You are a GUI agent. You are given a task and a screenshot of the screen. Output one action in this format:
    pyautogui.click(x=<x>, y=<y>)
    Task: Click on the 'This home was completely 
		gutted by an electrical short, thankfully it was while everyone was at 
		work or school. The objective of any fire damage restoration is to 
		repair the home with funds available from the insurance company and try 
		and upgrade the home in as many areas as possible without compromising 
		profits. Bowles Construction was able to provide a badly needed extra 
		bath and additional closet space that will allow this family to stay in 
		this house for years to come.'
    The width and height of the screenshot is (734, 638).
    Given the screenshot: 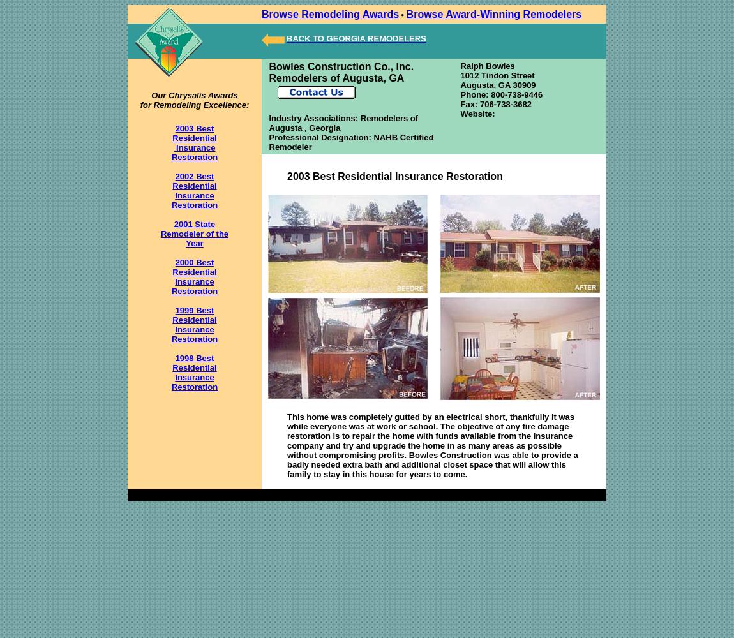 What is the action you would take?
    pyautogui.click(x=287, y=444)
    